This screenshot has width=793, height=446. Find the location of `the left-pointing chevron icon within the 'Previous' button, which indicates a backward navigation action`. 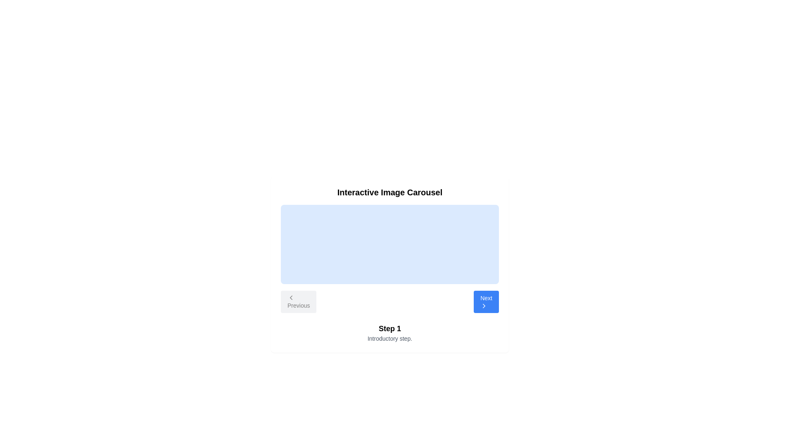

the left-pointing chevron icon within the 'Previous' button, which indicates a backward navigation action is located at coordinates (291, 298).